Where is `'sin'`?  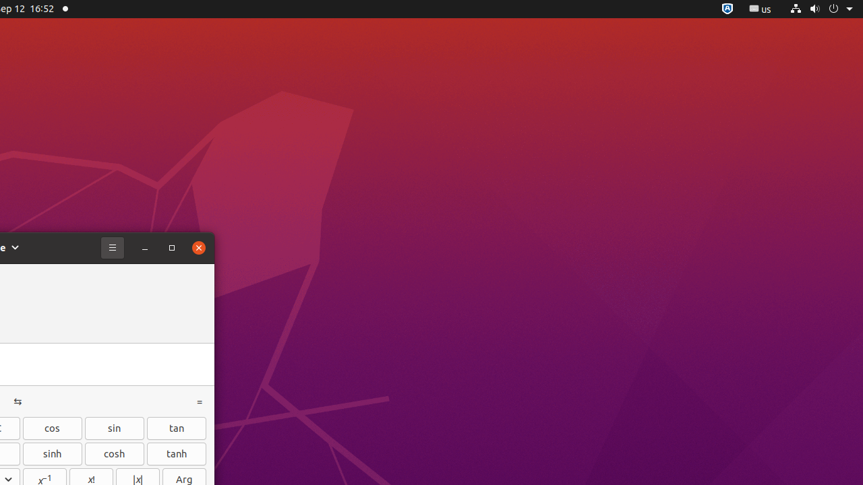
'sin' is located at coordinates (114, 428).